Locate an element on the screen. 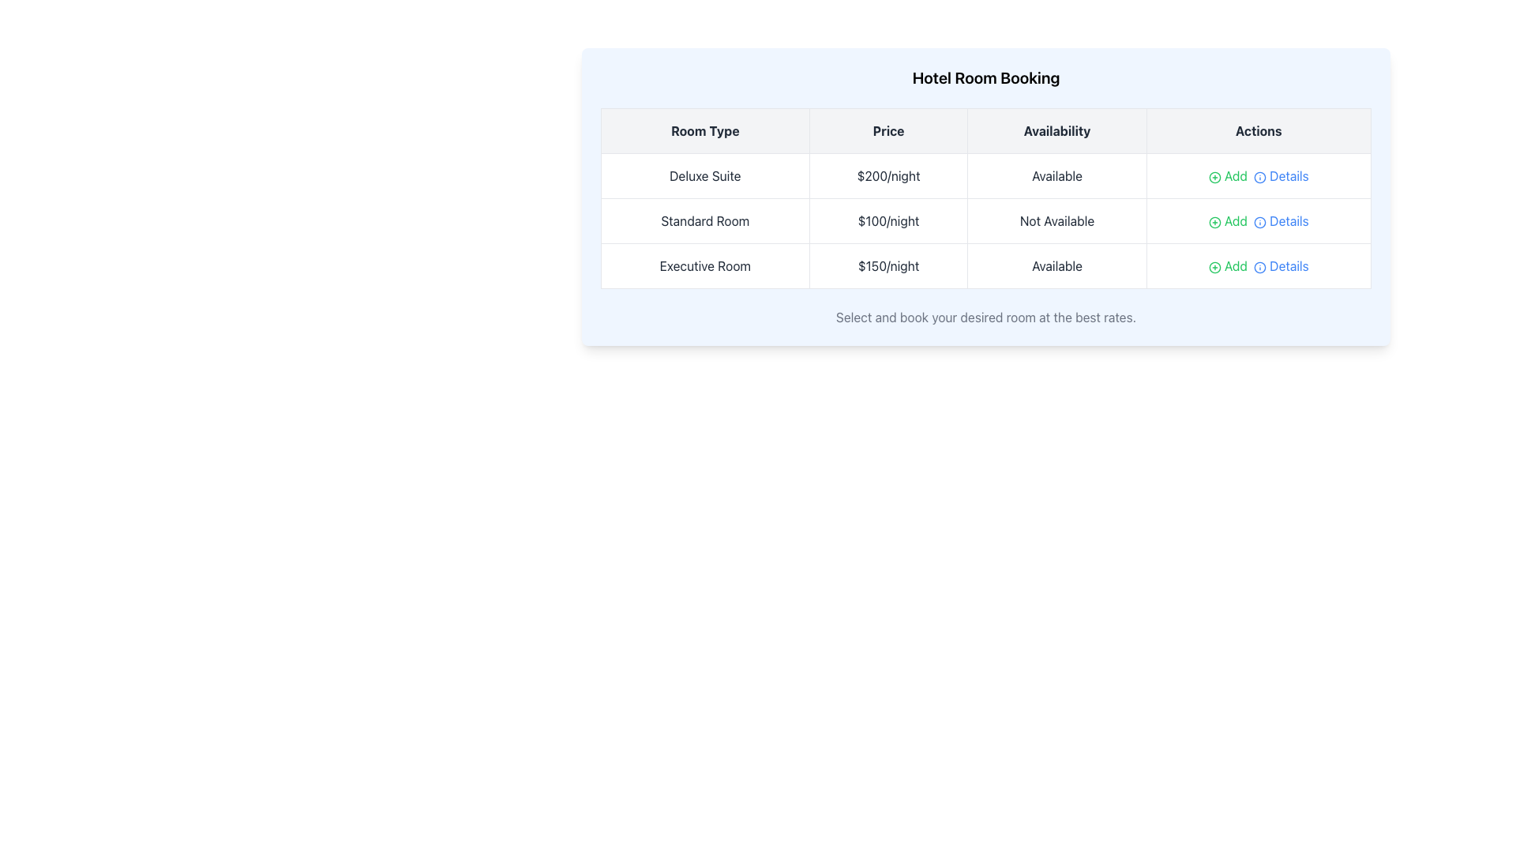 The image size is (1516, 853). the green 'Add' button located in the second row under the 'Actions' column of the table layout is located at coordinates (1227, 221).